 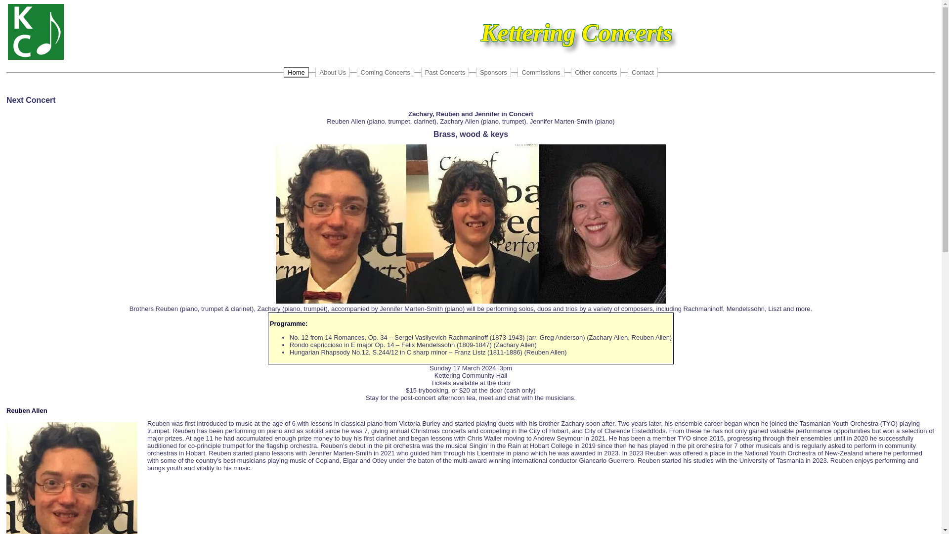 What do you see at coordinates (517, 72) in the screenshot?
I see `'Commissions'` at bounding box center [517, 72].